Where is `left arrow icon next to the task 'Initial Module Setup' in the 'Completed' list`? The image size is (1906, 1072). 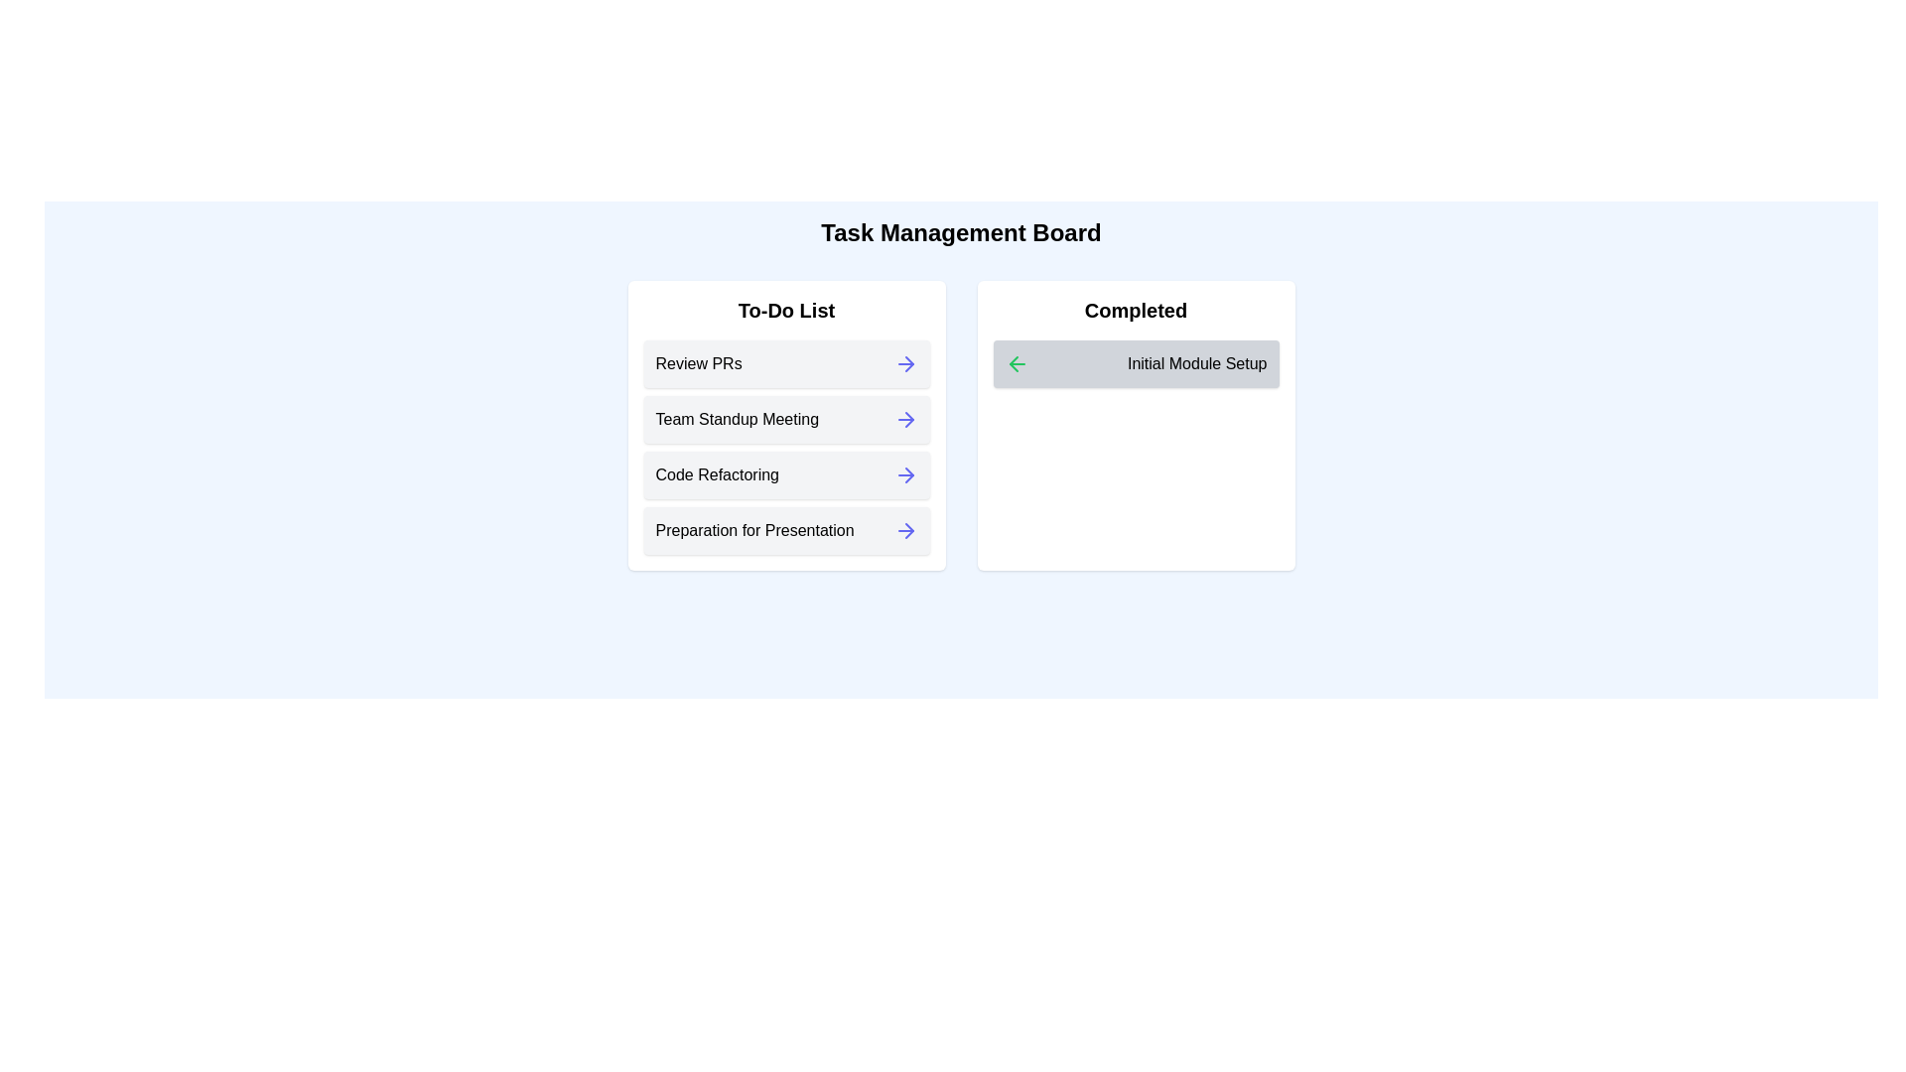
left arrow icon next to the task 'Initial Module Setup' in the 'Completed' list is located at coordinates (1017, 363).